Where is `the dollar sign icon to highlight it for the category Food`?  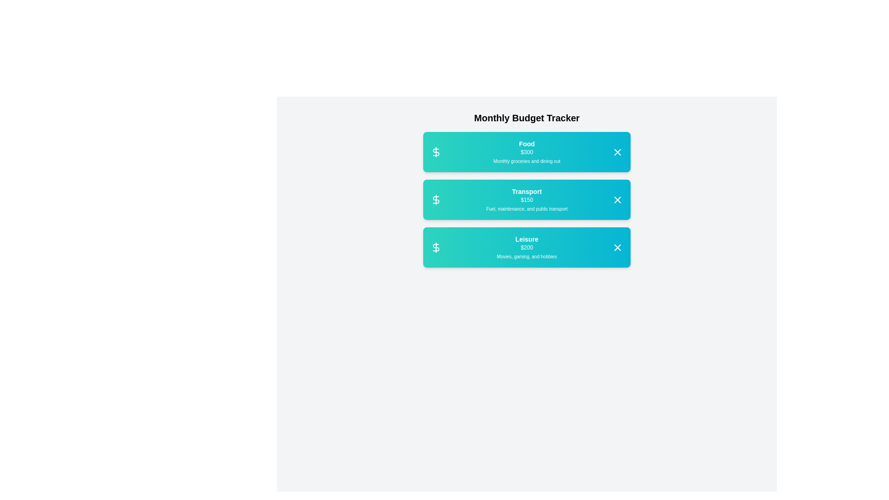
the dollar sign icon to highlight it for the category Food is located at coordinates (435, 151).